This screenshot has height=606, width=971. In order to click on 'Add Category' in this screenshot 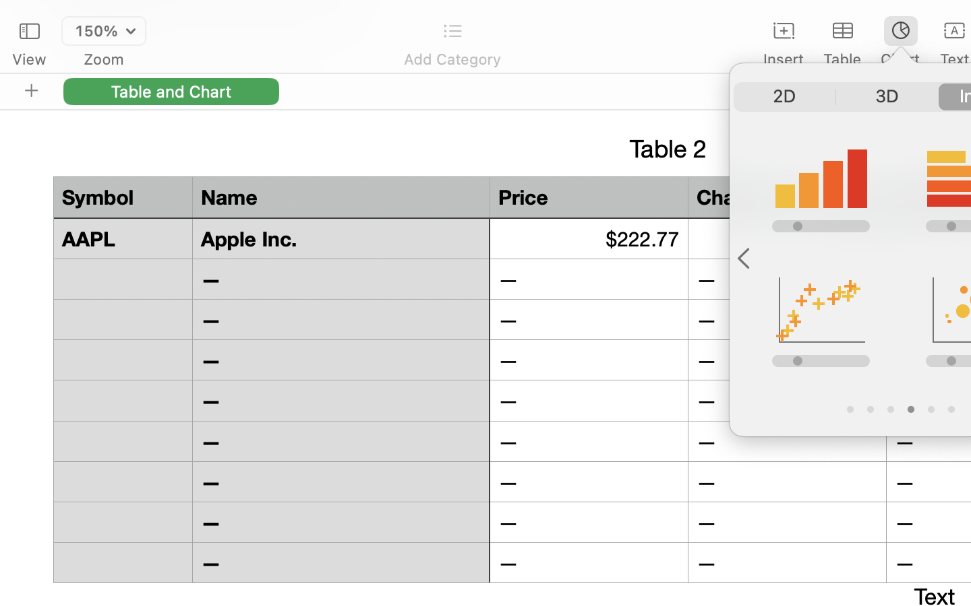, I will do `click(452, 59)`.